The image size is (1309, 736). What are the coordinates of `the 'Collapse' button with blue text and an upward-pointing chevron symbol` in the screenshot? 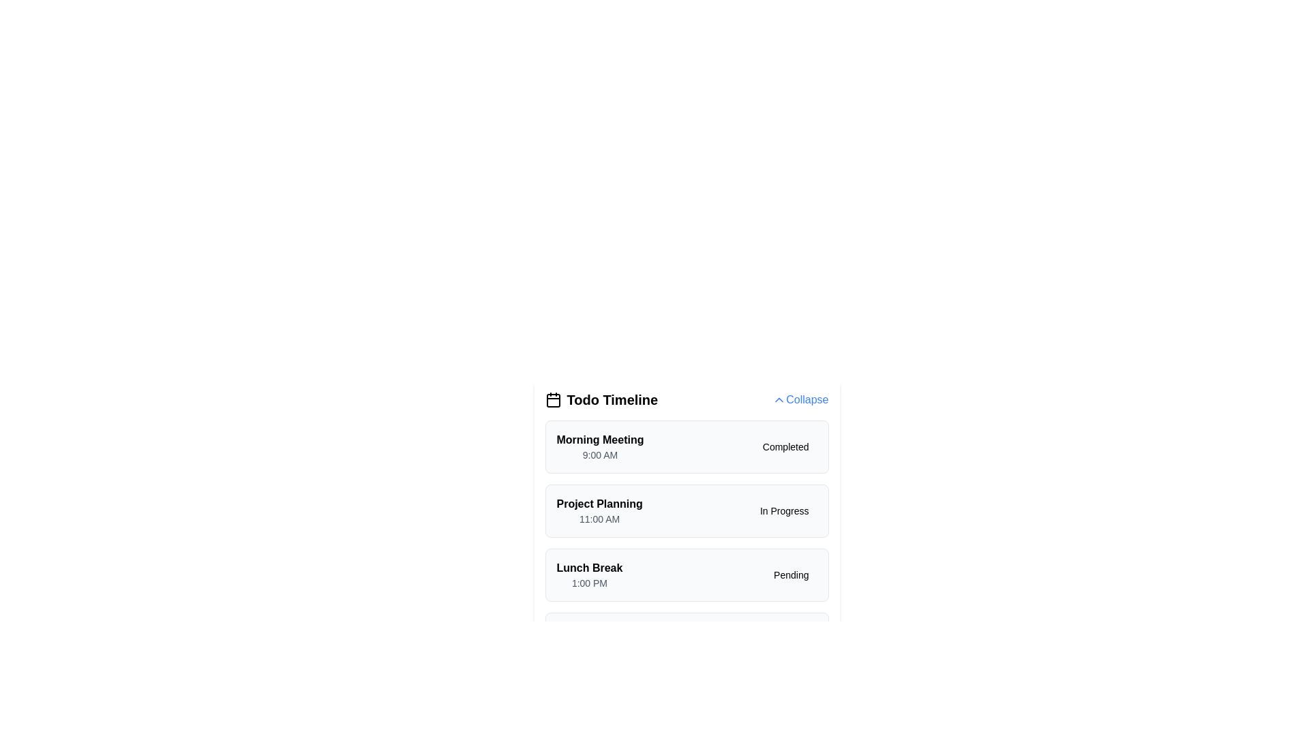 It's located at (800, 399).